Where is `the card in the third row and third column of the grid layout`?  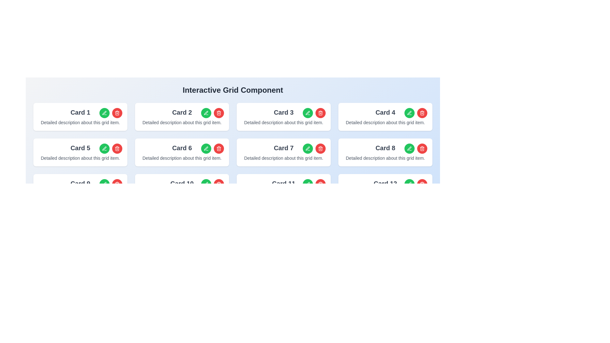
the card in the third row and third column of the grid layout is located at coordinates (283, 187).